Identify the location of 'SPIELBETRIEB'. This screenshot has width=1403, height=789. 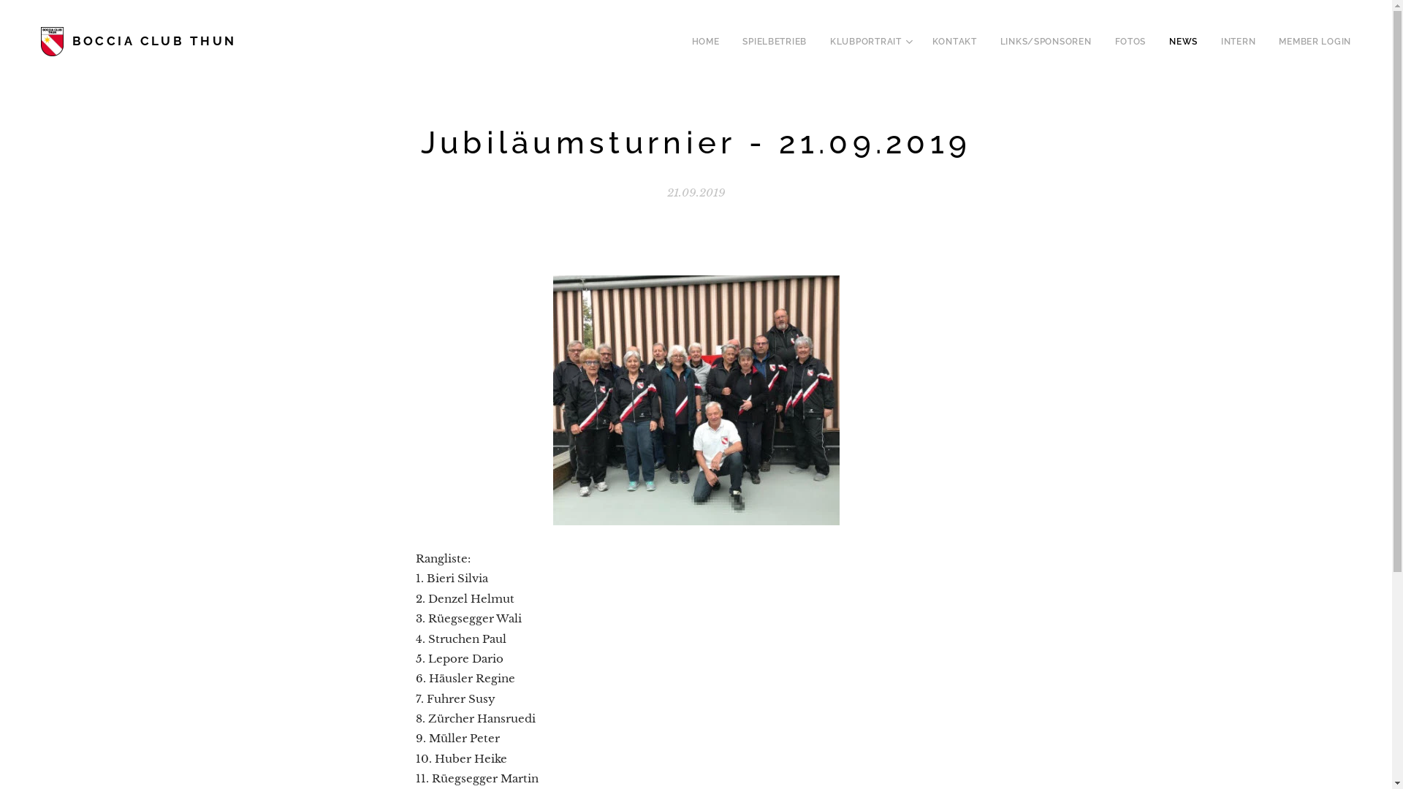
(774, 41).